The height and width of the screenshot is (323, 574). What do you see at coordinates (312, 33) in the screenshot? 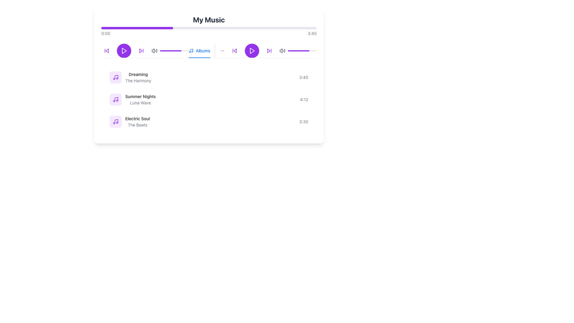
I see `the text label displaying '3:45' in the top-right corner of the music player interface` at bounding box center [312, 33].